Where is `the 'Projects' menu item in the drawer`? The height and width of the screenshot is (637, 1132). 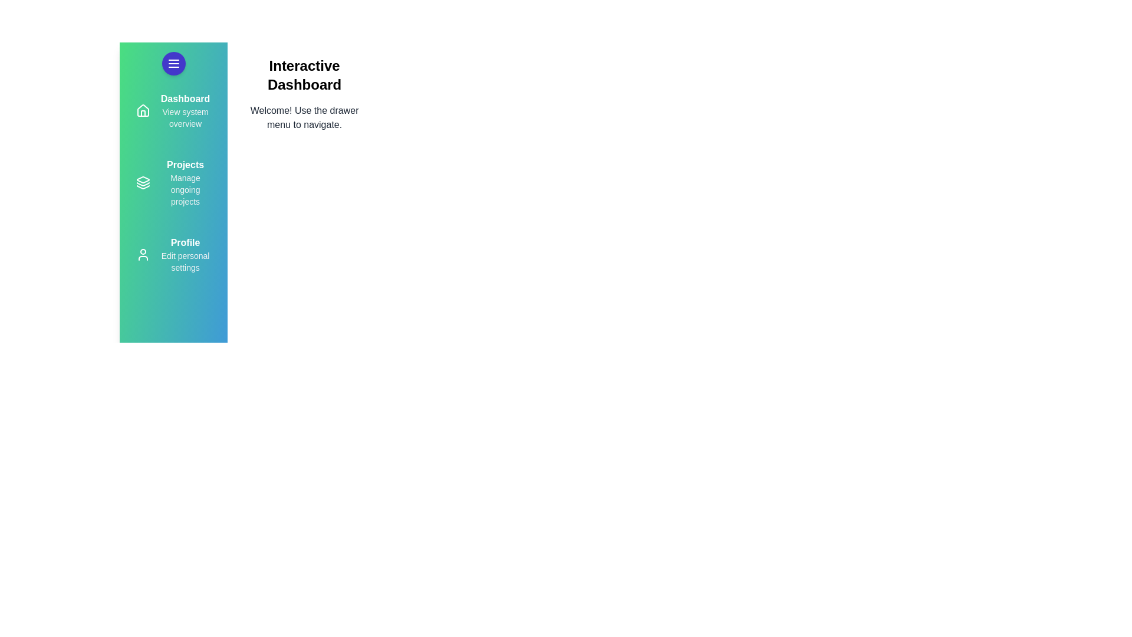 the 'Projects' menu item in the drawer is located at coordinates (172, 182).